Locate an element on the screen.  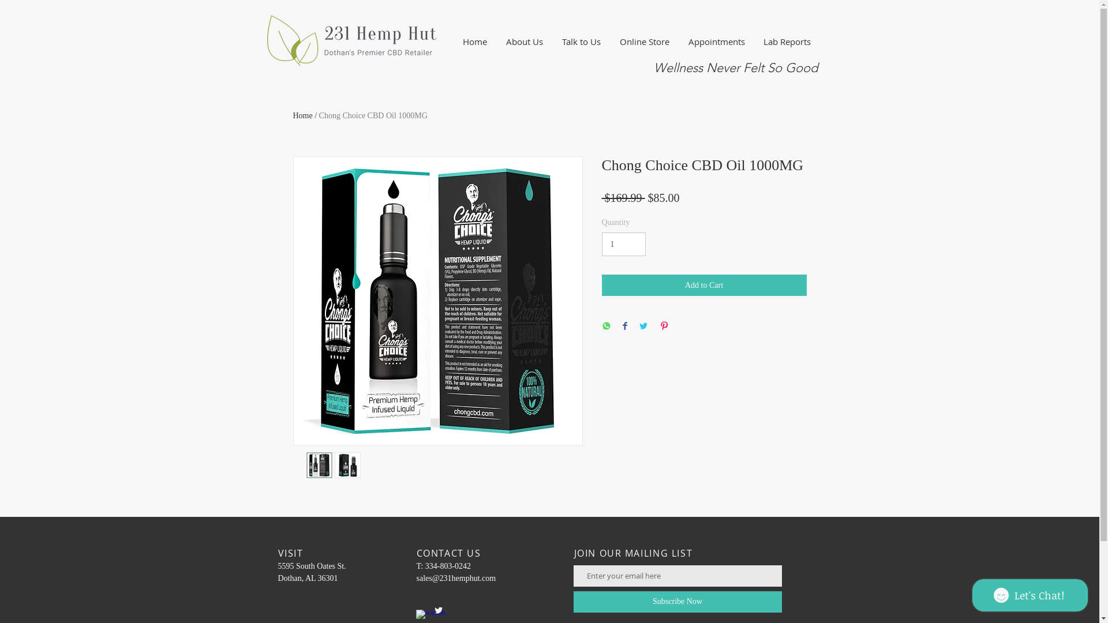
'Online Store' is located at coordinates (644, 41).